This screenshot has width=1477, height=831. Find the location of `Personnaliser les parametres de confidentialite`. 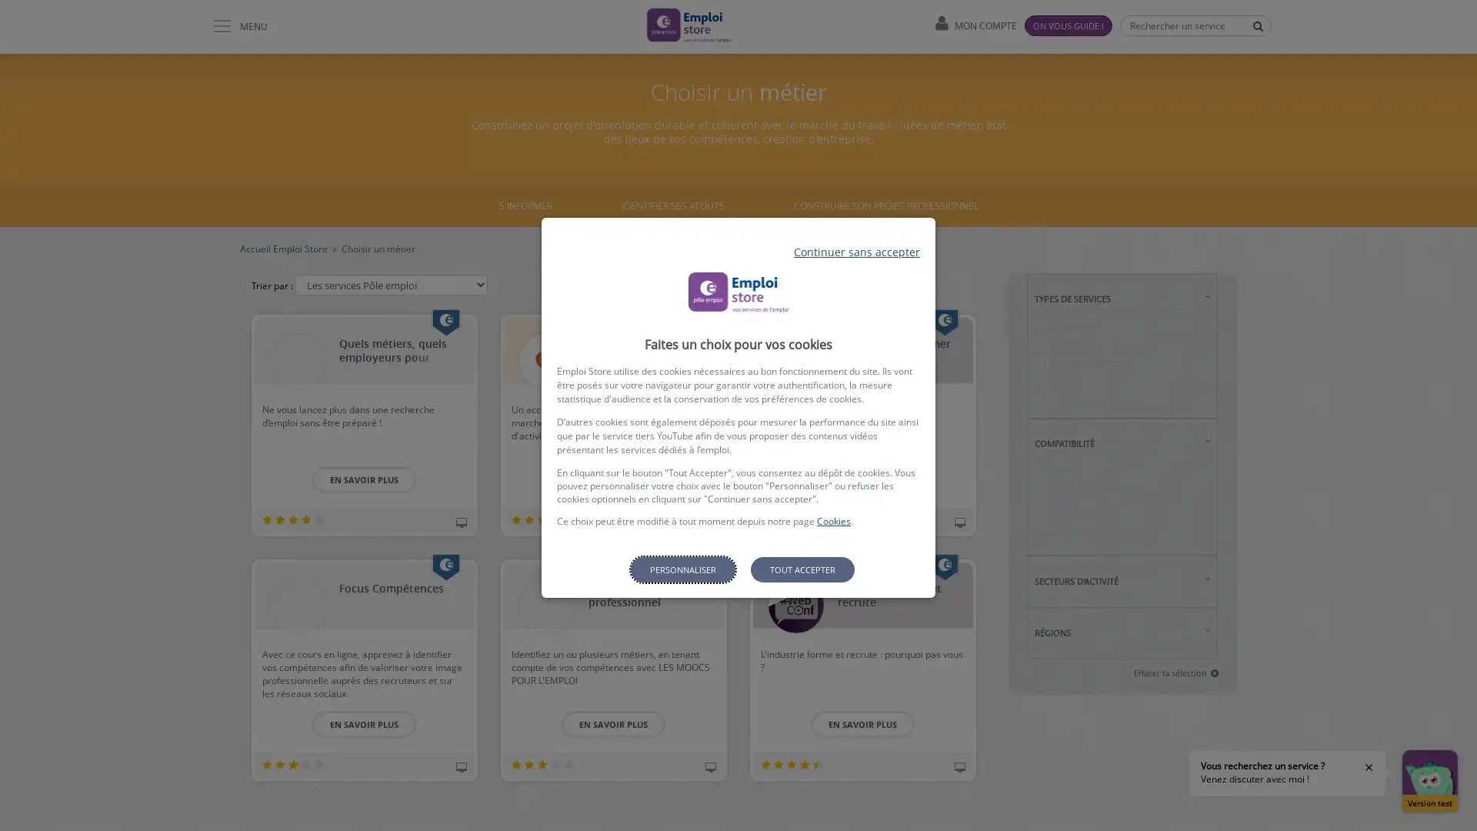

Personnaliser les parametres de confidentialite is located at coordinates (682, 569).